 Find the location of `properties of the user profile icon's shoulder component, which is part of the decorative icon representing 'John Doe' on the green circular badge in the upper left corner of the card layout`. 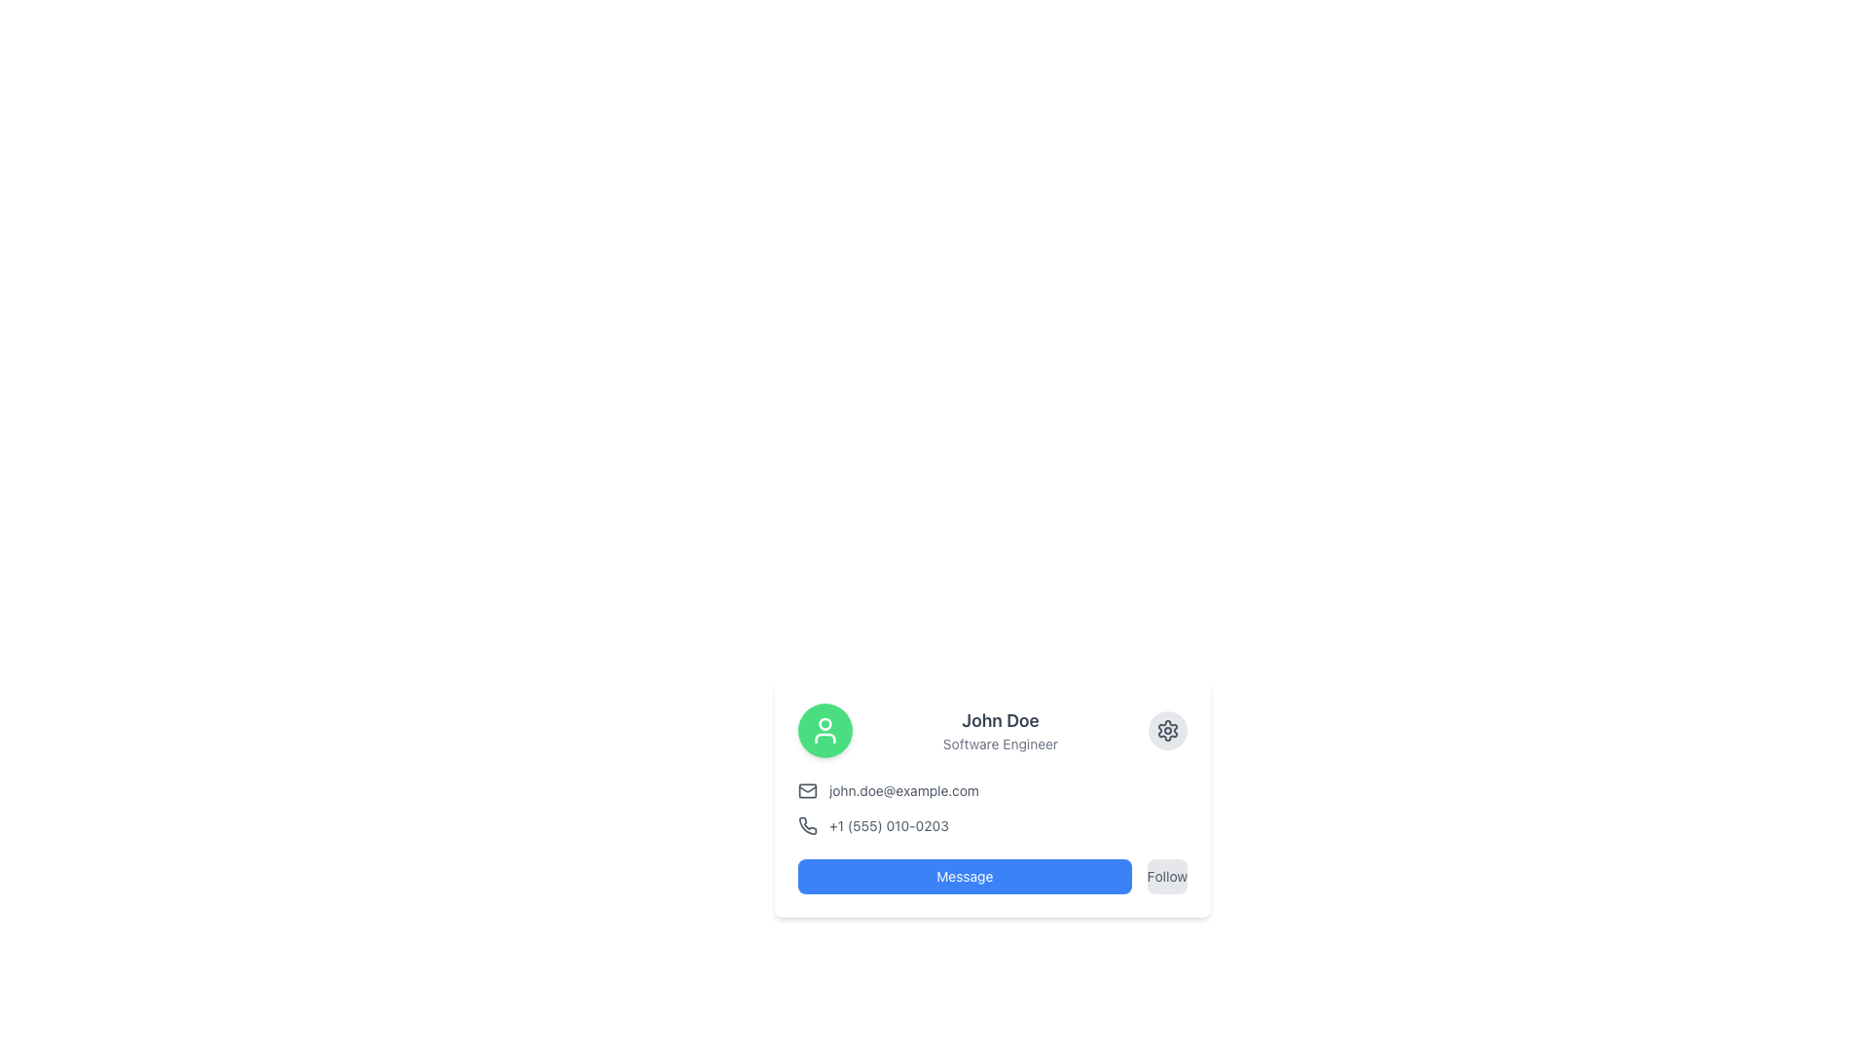

properties of the user profile icon's shoulder component, which is part of the decorative icon representing 'John Doe' on the green circular badge in the upper left corner of the card layout is located at coordinates (825, 739).